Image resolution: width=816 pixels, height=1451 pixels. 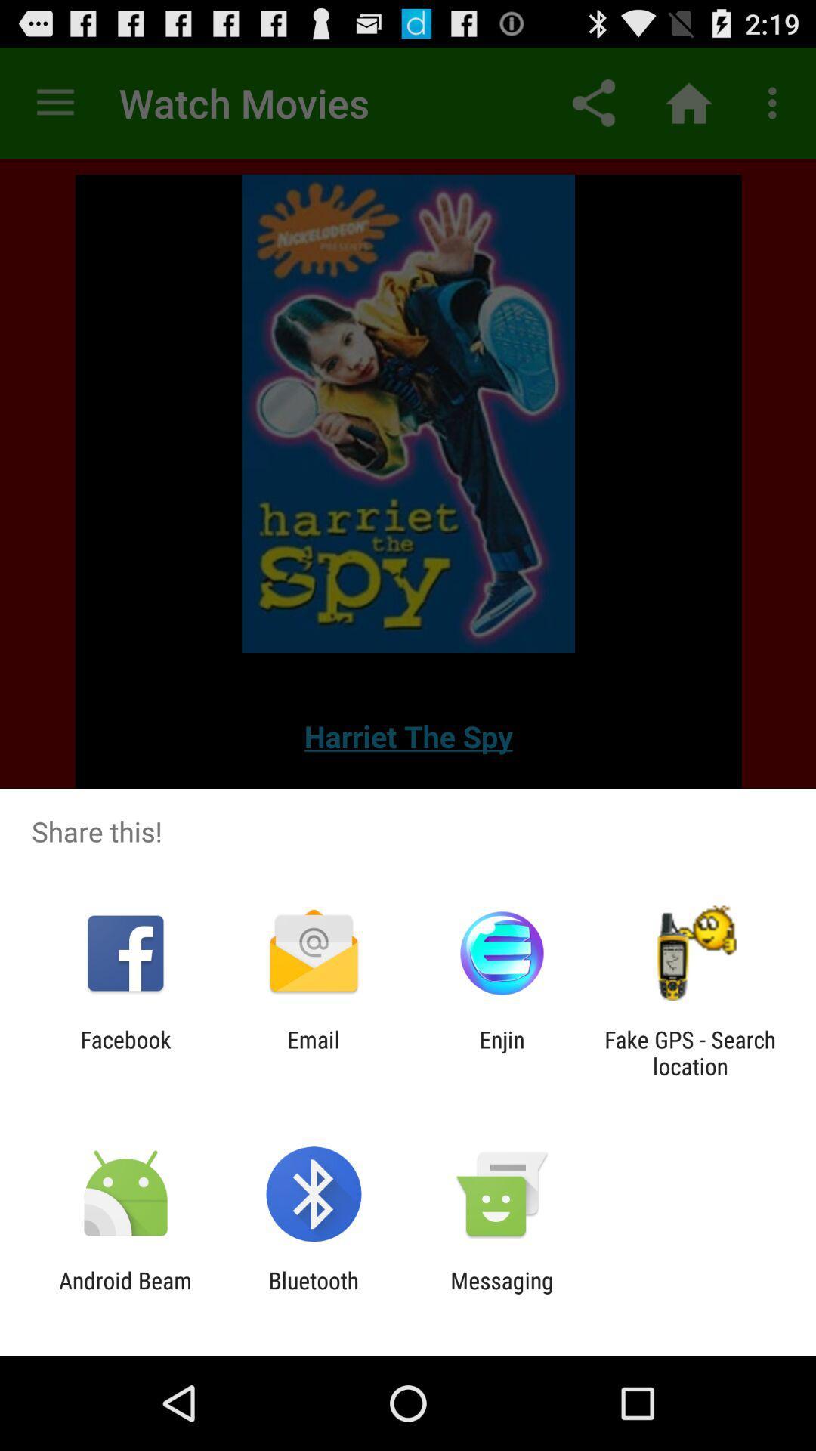 I want to click on the icon next to email, so click(x=502, y=1052).